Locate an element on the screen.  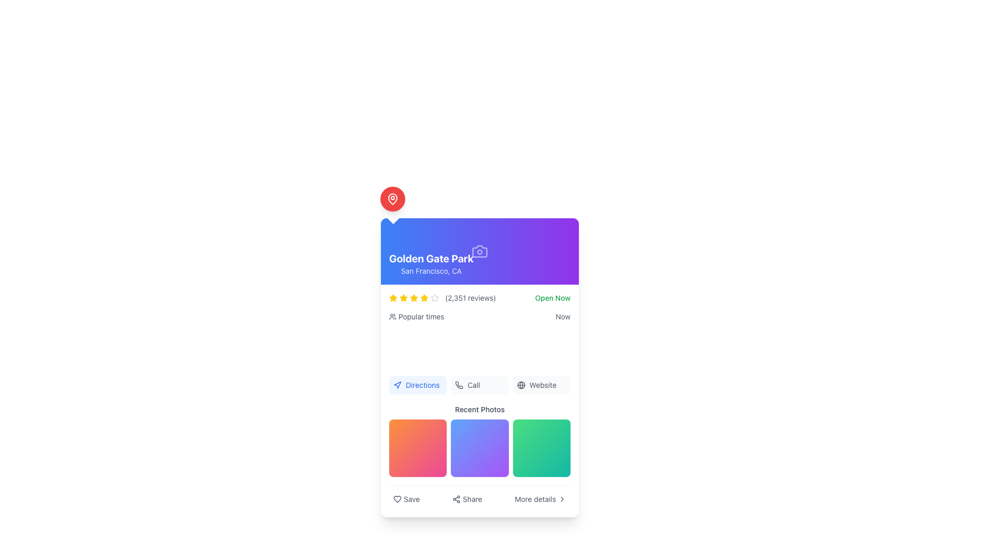
the sharing button located centrally below the 'Recent Photos' section, positioned between the 'Save' button on the left and the 'More details' button on the right is located at coordinates (466, 499).